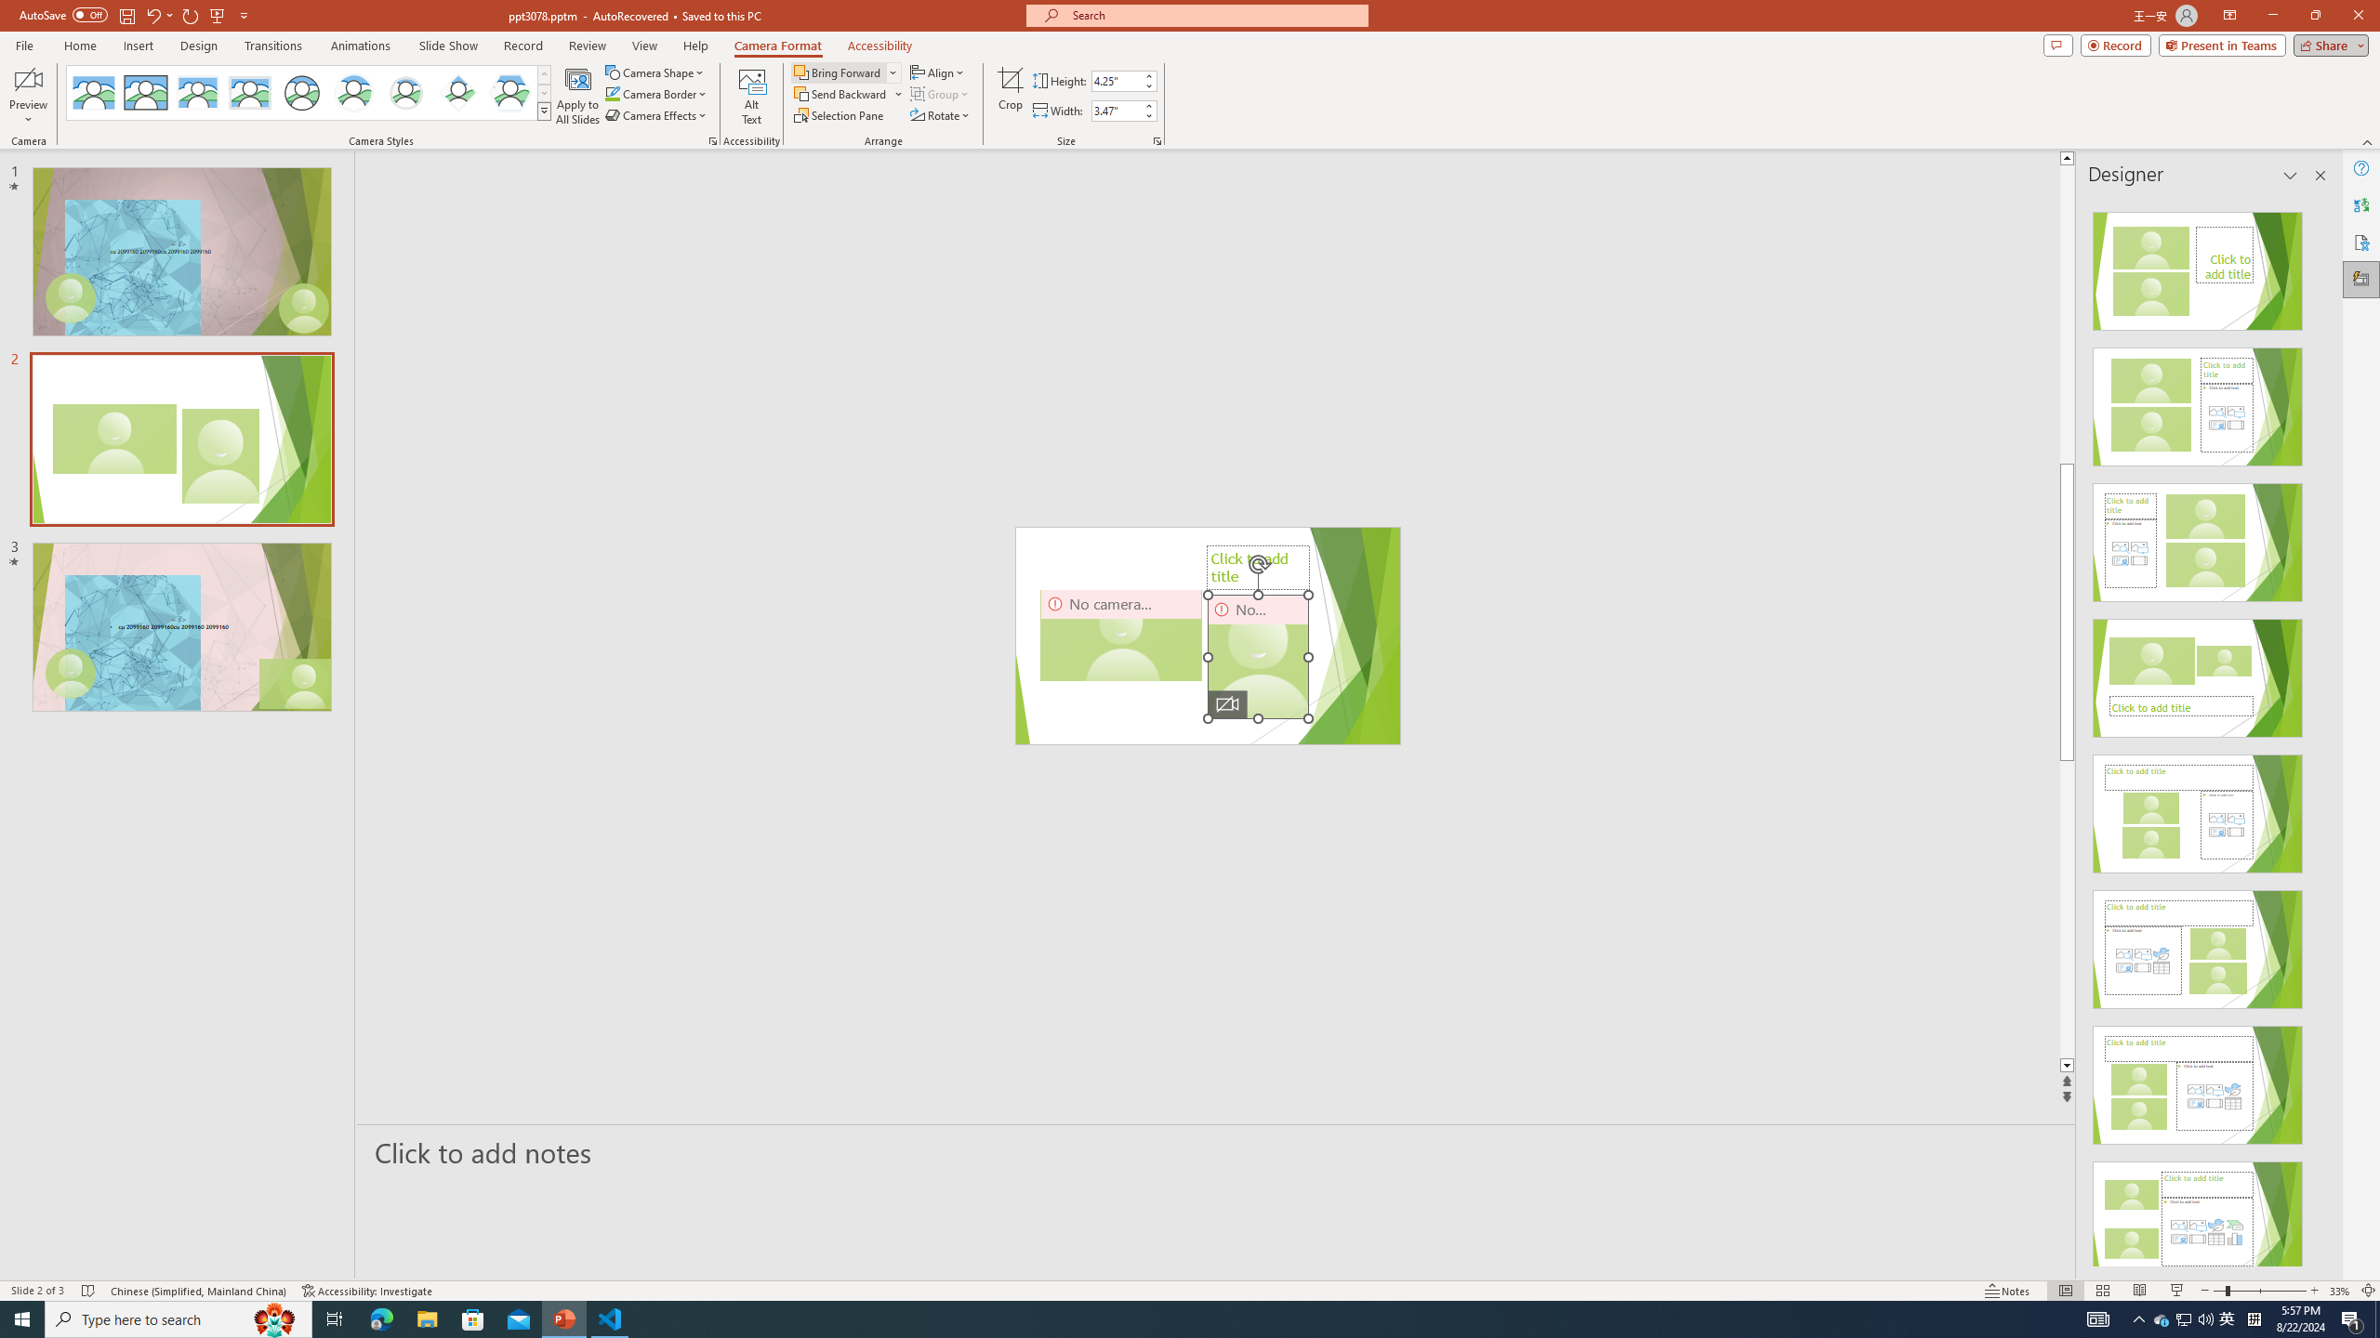 This screenshot has height=1338, width=2380. What do you see at coordinates (2339, 1291) in the screenshot?
I see `'Zoom 33%'` at bounding box center [2339, 1291].